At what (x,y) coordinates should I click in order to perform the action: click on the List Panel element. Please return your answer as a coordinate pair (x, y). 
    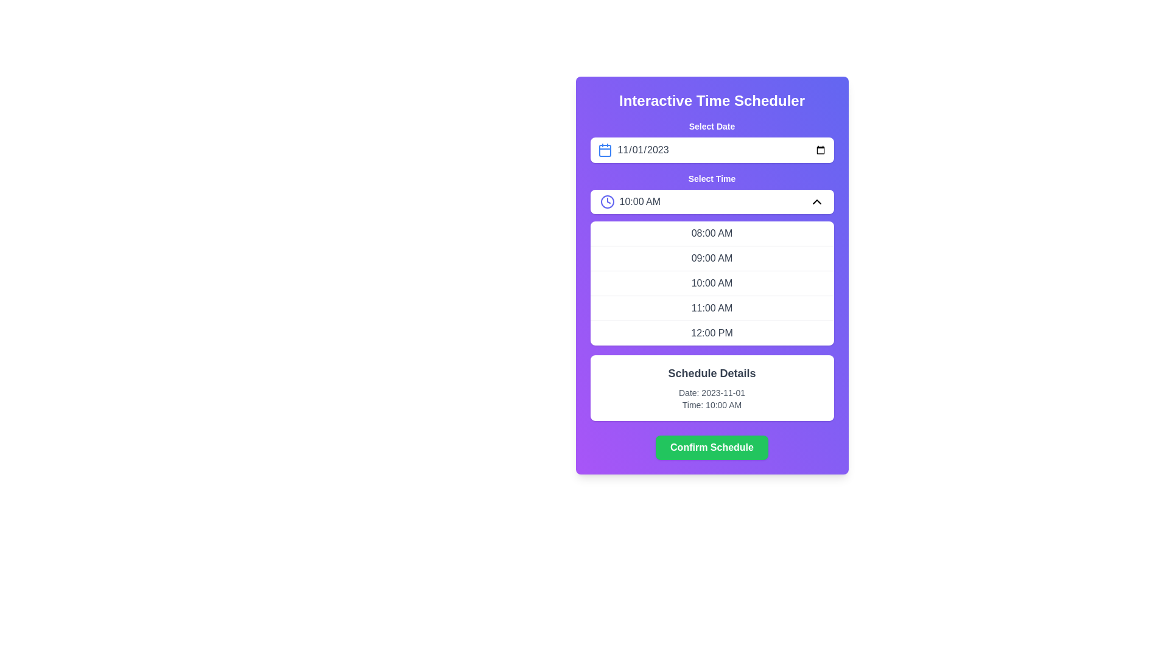
    Looking at the image, I should click on (712, 283).